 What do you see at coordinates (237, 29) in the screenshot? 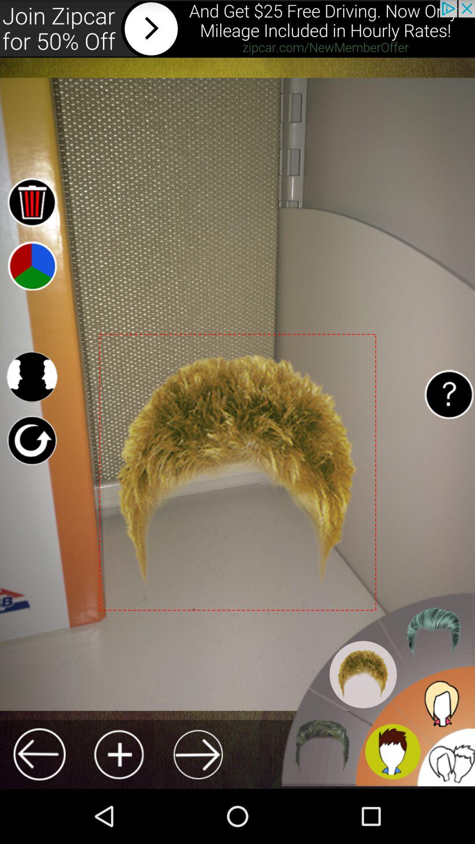
I see `advertisement` at bounding box center [237, 29].